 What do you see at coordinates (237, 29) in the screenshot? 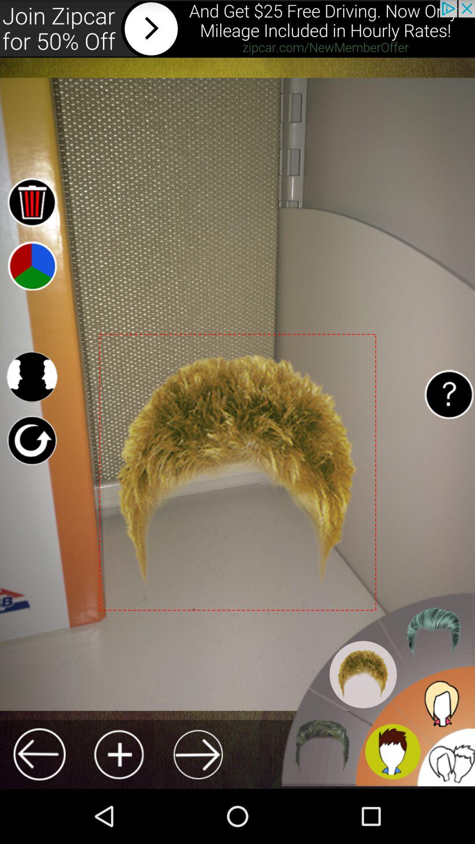
I see `advertisement` at bounding box center [237, 29].